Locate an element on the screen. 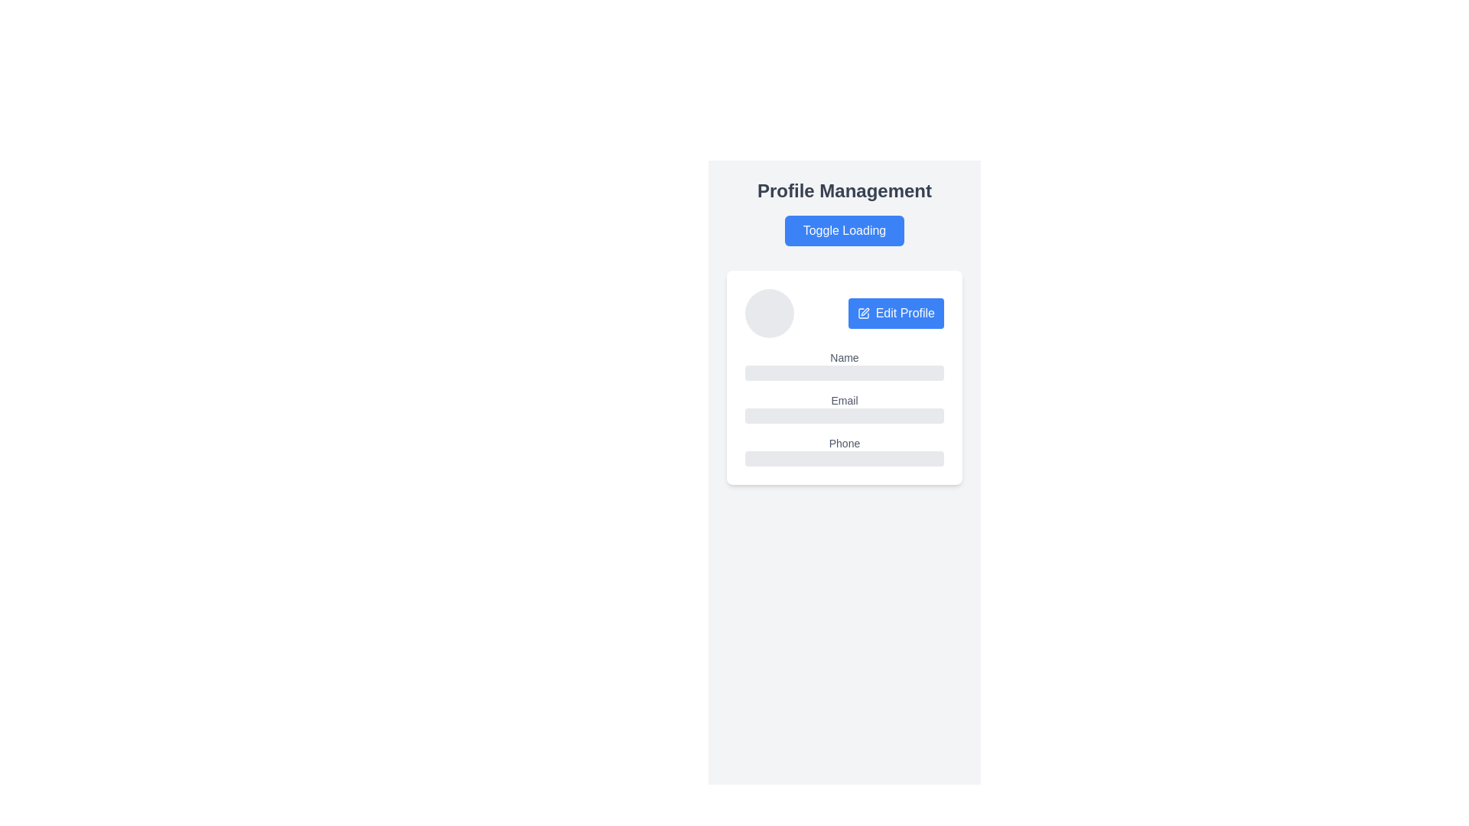 This screenshot has width=1469, height=826. the 'Toggle Loading' button, which is a rectangular button with rounded corners, blue background, and white text, located below 'Profile Management' is located at coordinates (844, 230).